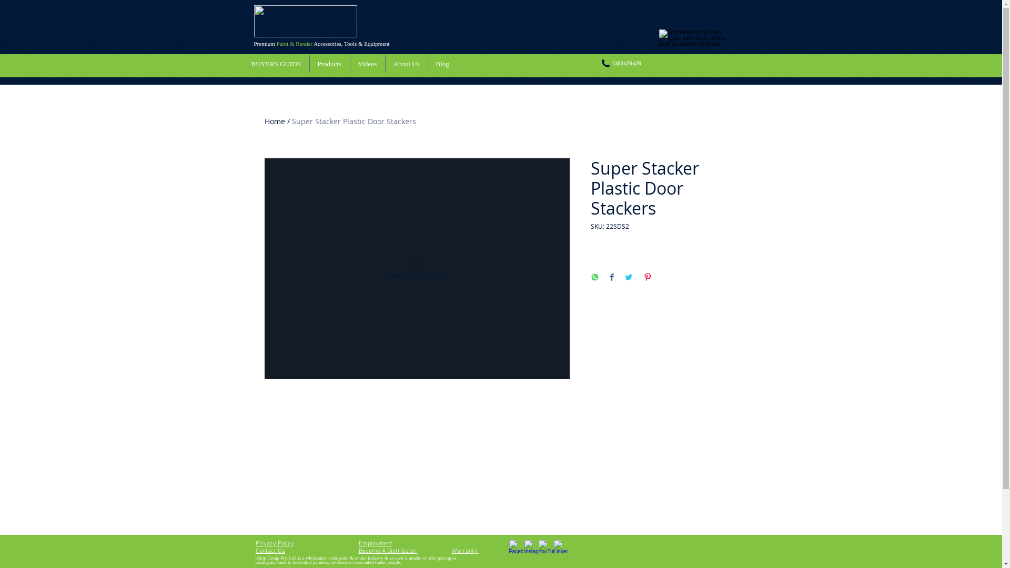 The width and height of the screenshot is (1010, 568). I want to click on 'Contact Us', so click(255, 551).